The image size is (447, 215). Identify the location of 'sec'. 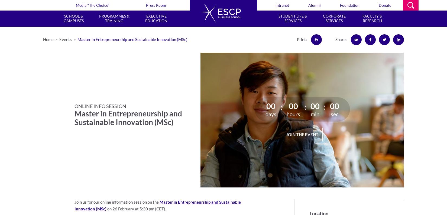
(334, 114).